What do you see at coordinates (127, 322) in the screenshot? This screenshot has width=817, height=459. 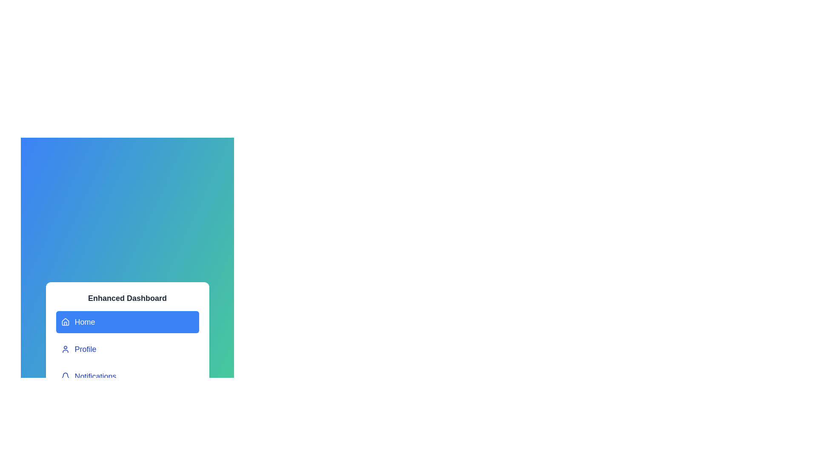 I see `the text labeled Home to read its content` at bounding box center [127, 322].